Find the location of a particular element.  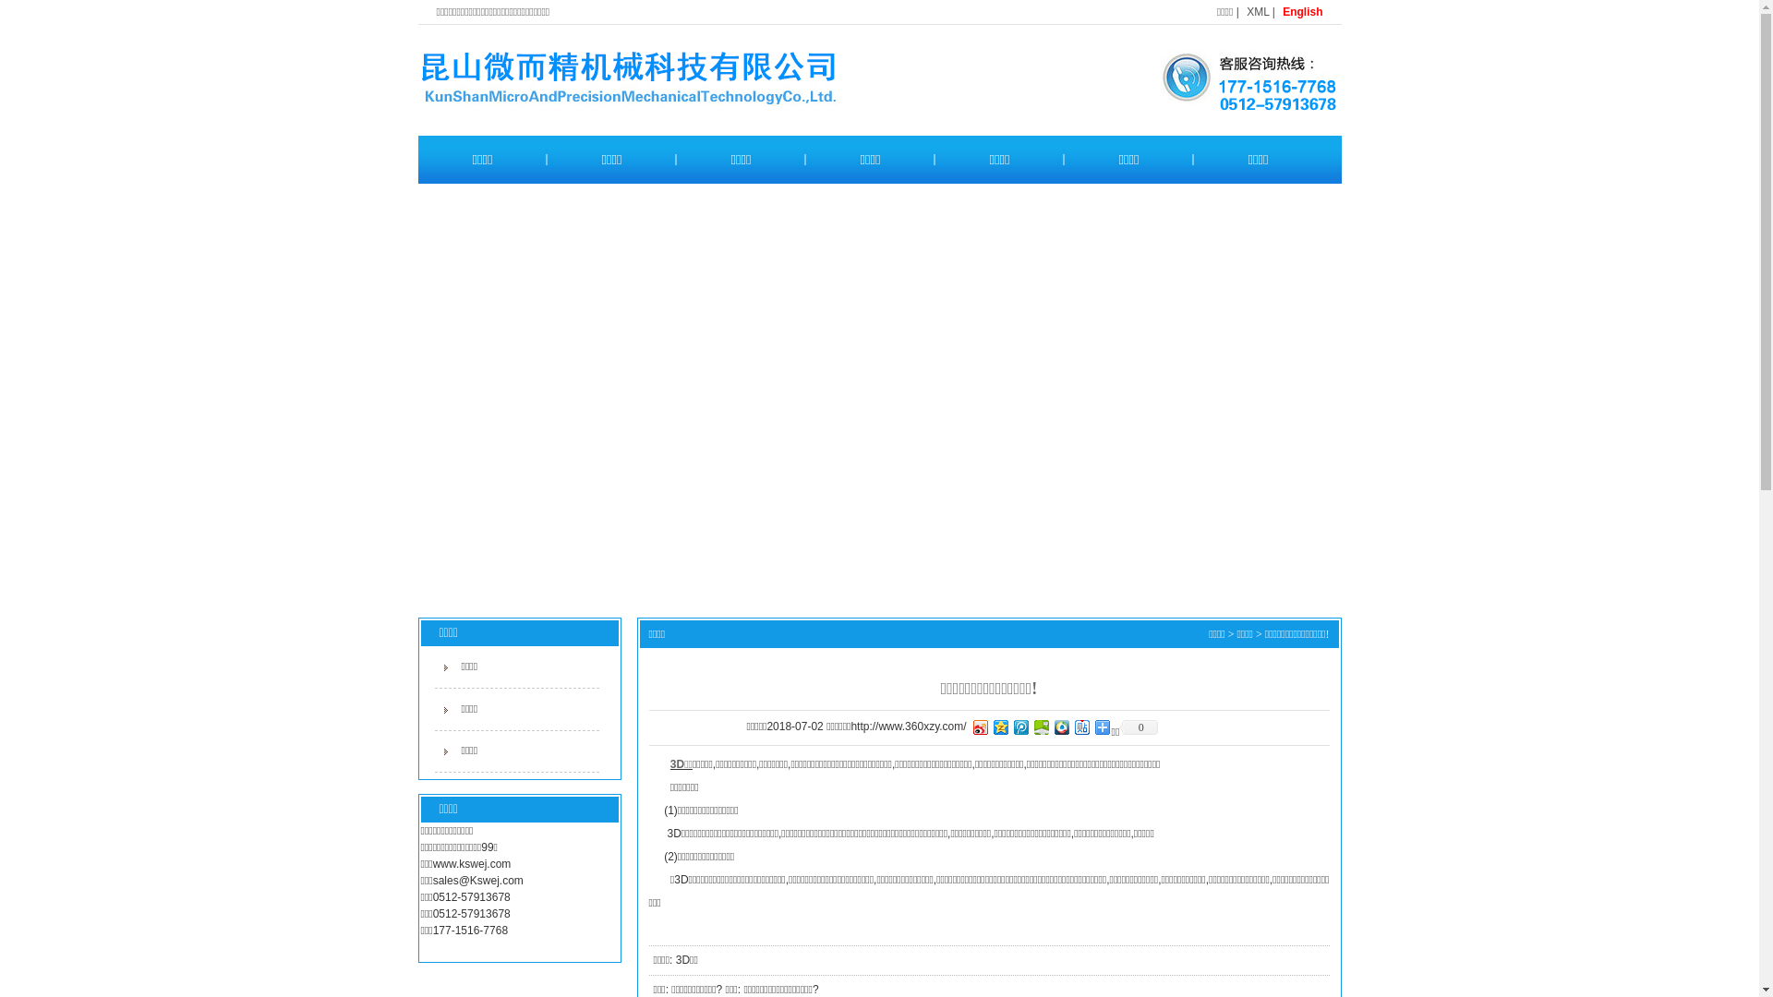

'1547896042809111.jpg' is located at coordinates (677, 79).